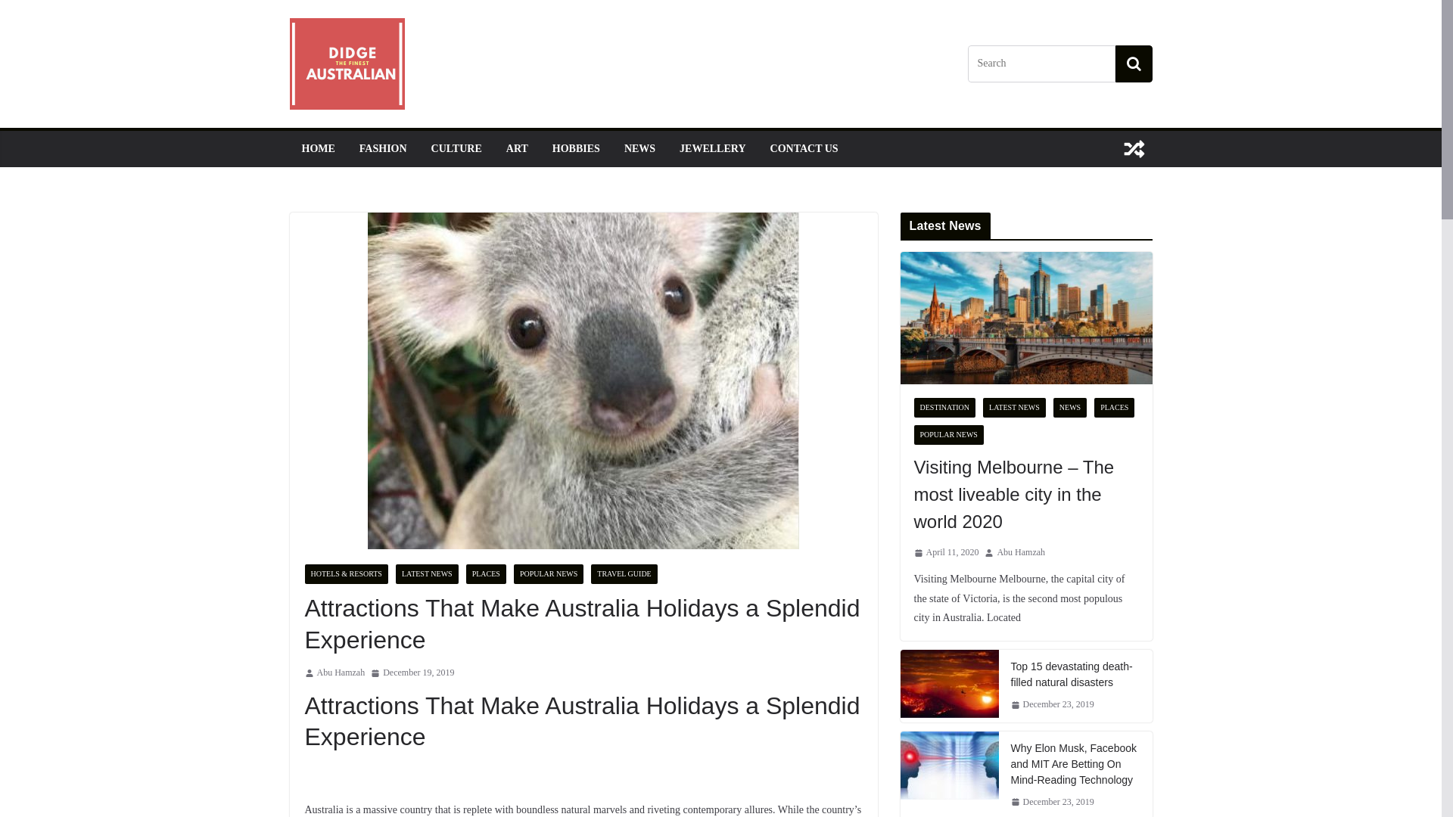 The width and height of the screenshot is (1453, 817). What do you see at coordinates (513, 574) in the screenshot?
I see `'POPULAR NEWS'` at bounding box center [513, 574].